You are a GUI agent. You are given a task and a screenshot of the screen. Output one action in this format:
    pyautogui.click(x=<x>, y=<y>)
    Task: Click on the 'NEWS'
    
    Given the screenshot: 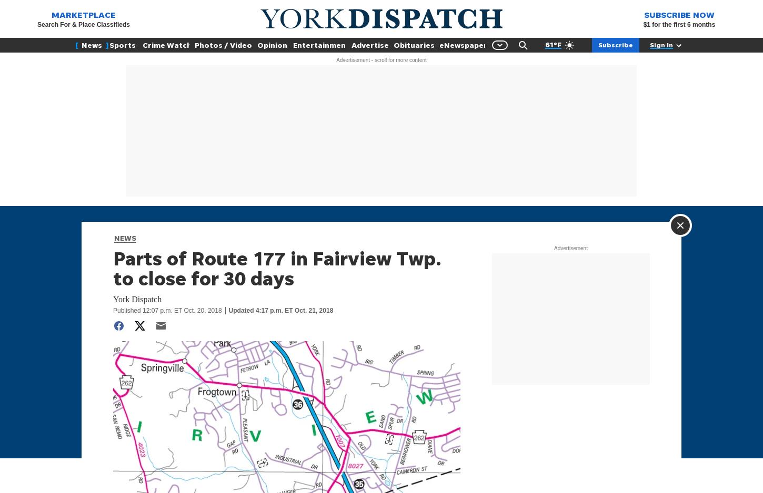 What is the action you would take?
    pyautogui.click(x=124, y=237)
    